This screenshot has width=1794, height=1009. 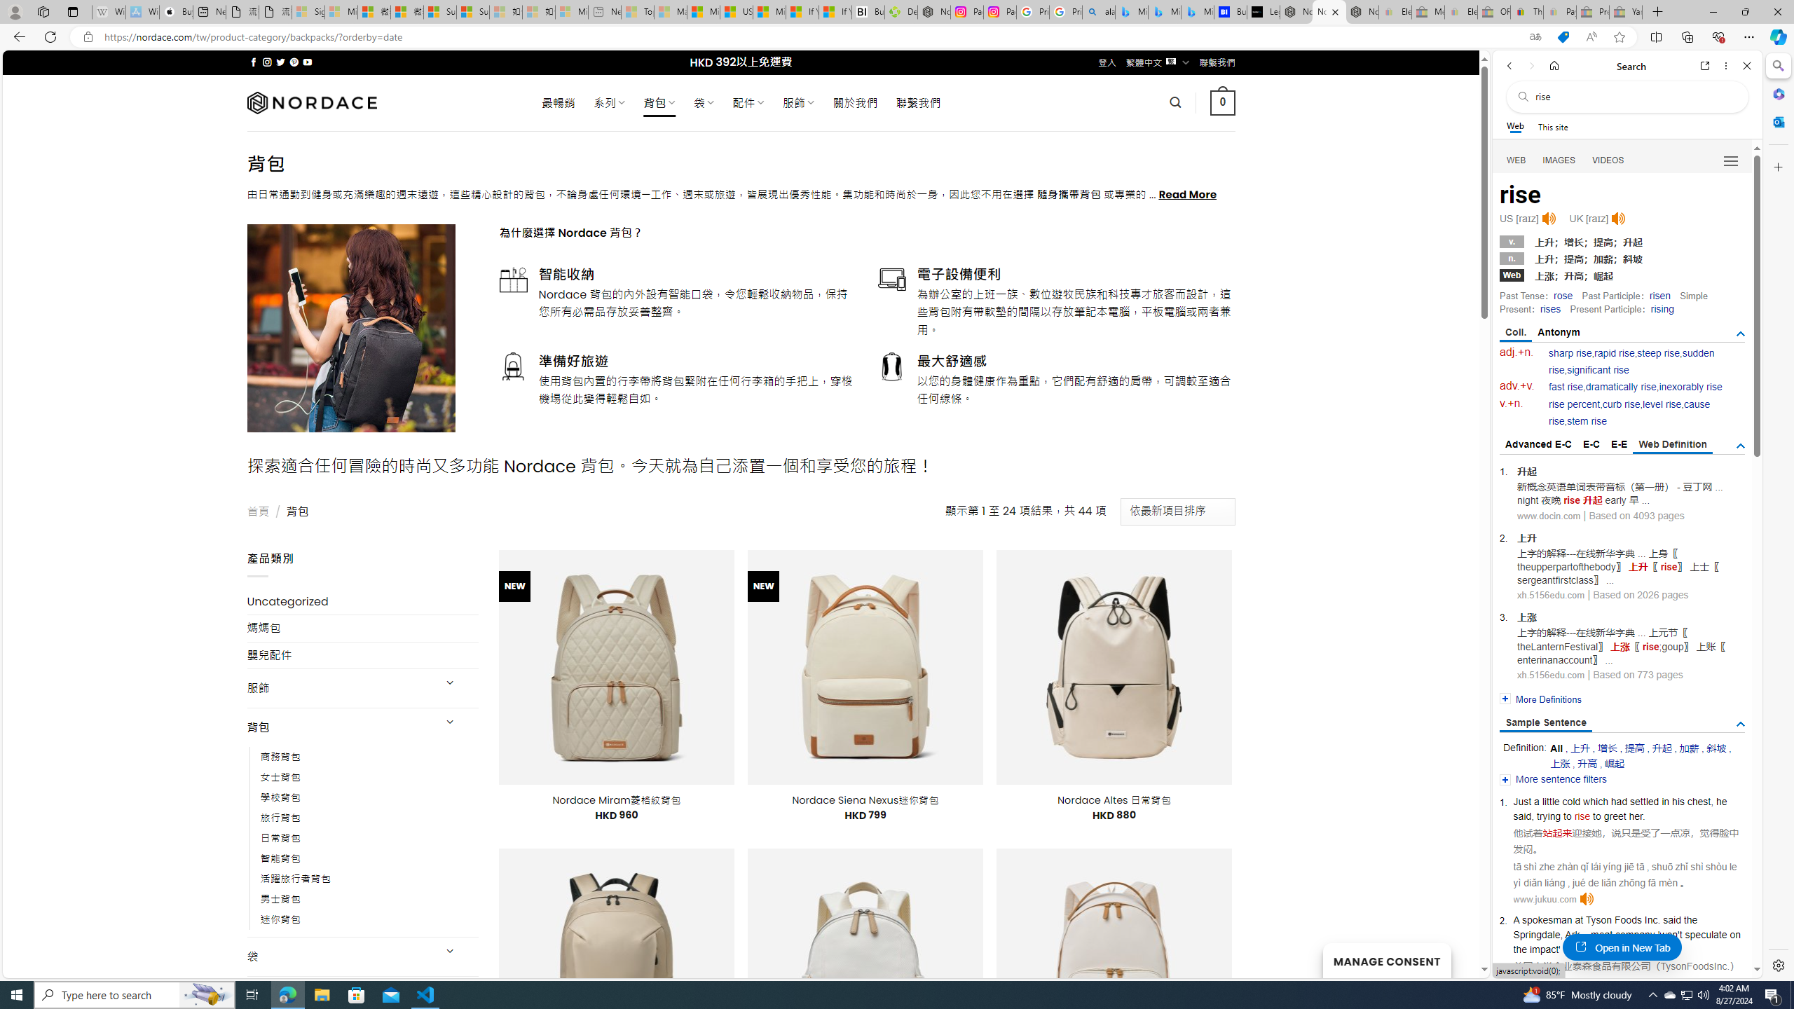 What do you see at coordinates (1574, 404) in the screenshot?
I see `'rise percent'` at bounding box center [1574, 404].